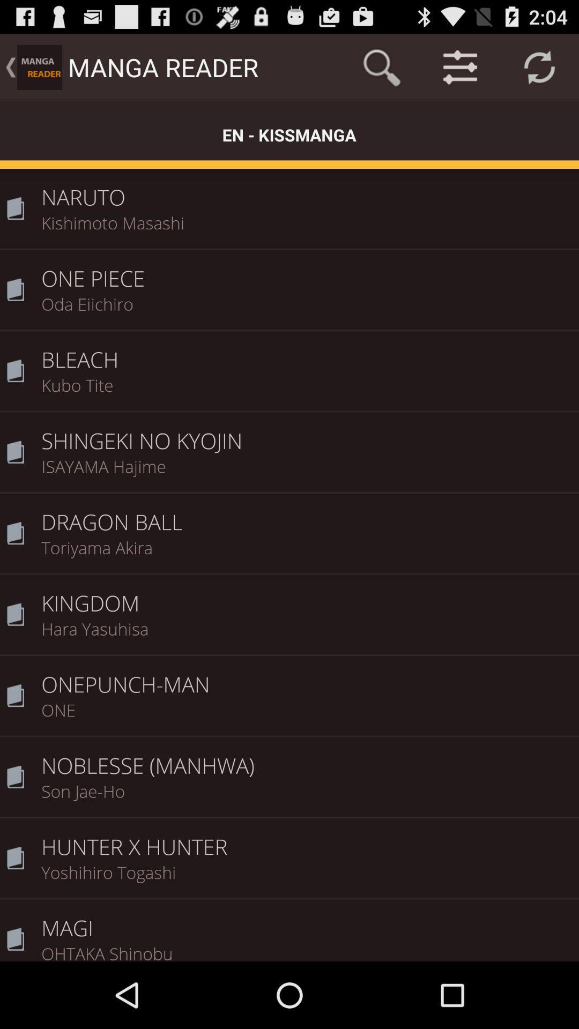  Describe the element at coordinates (306, 229) in the screenshot. I see `icon below the naruto icon` at that location.